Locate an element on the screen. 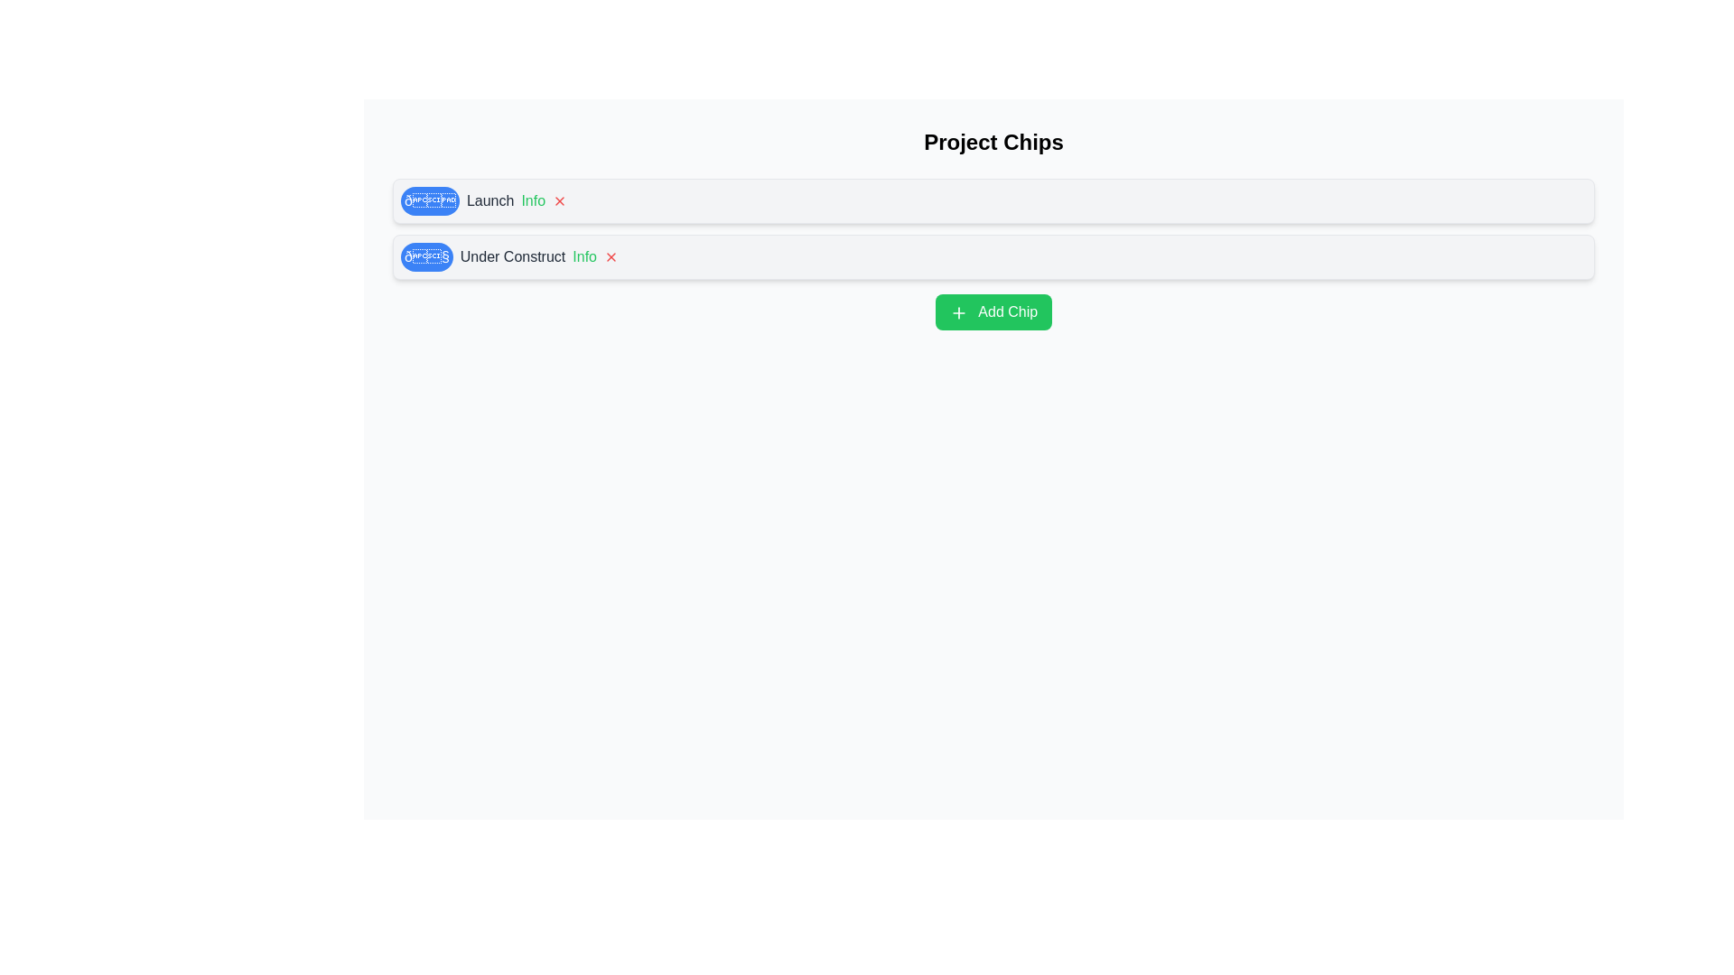 The height and width of the screenshot is (975, 1734). 'Info' button on the chip labeled Launch is located at coordinates (532, 201).